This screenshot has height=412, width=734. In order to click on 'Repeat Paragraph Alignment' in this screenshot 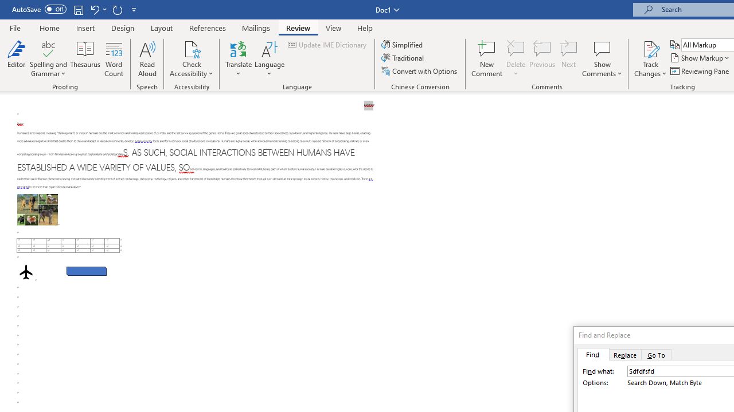, I will do `click(117, 9)`.